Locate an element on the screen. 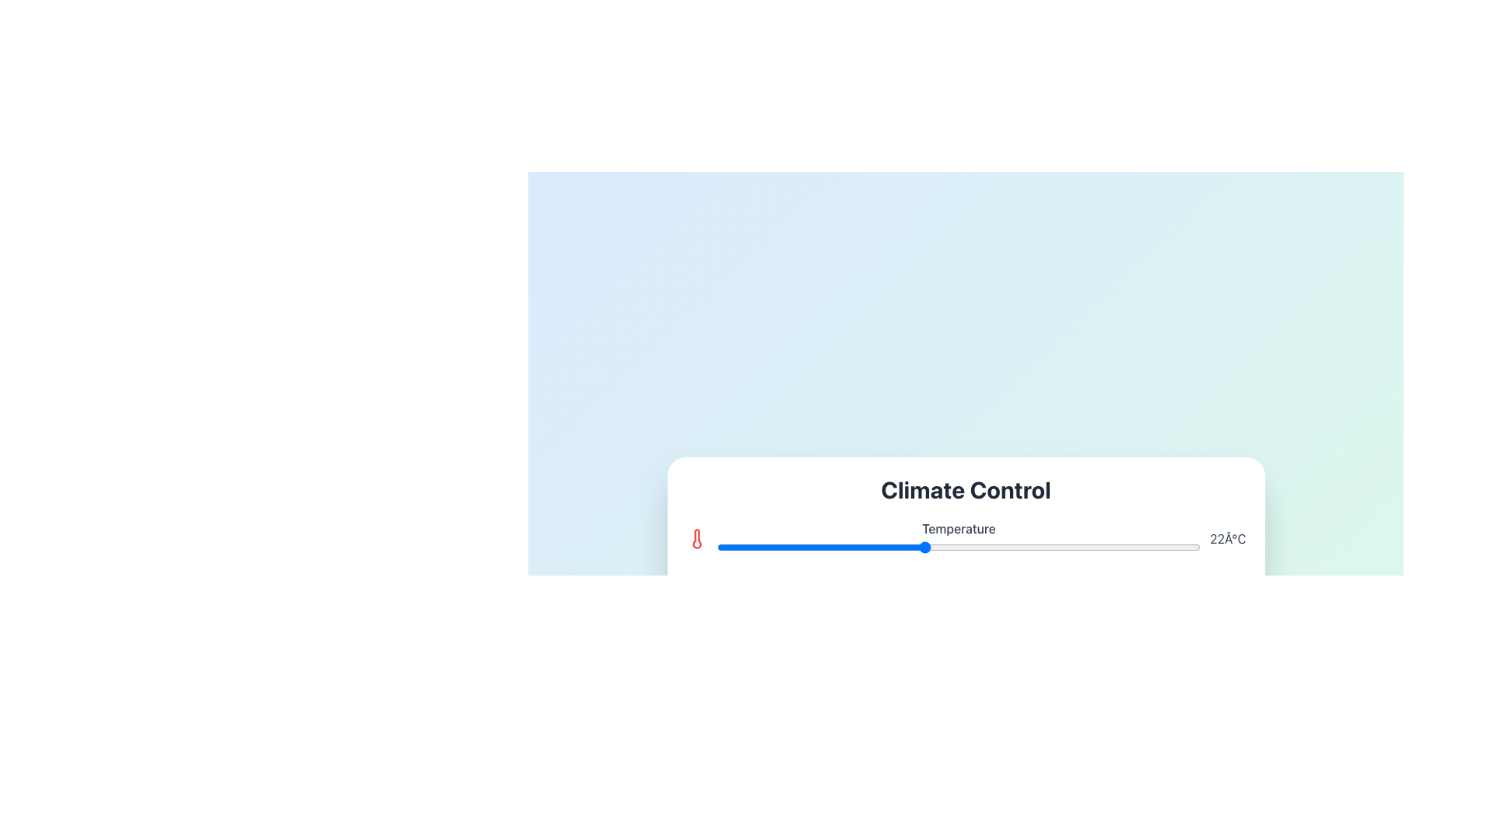 The image size is (1494, 840). temperature is located at coordinates (992, 547).